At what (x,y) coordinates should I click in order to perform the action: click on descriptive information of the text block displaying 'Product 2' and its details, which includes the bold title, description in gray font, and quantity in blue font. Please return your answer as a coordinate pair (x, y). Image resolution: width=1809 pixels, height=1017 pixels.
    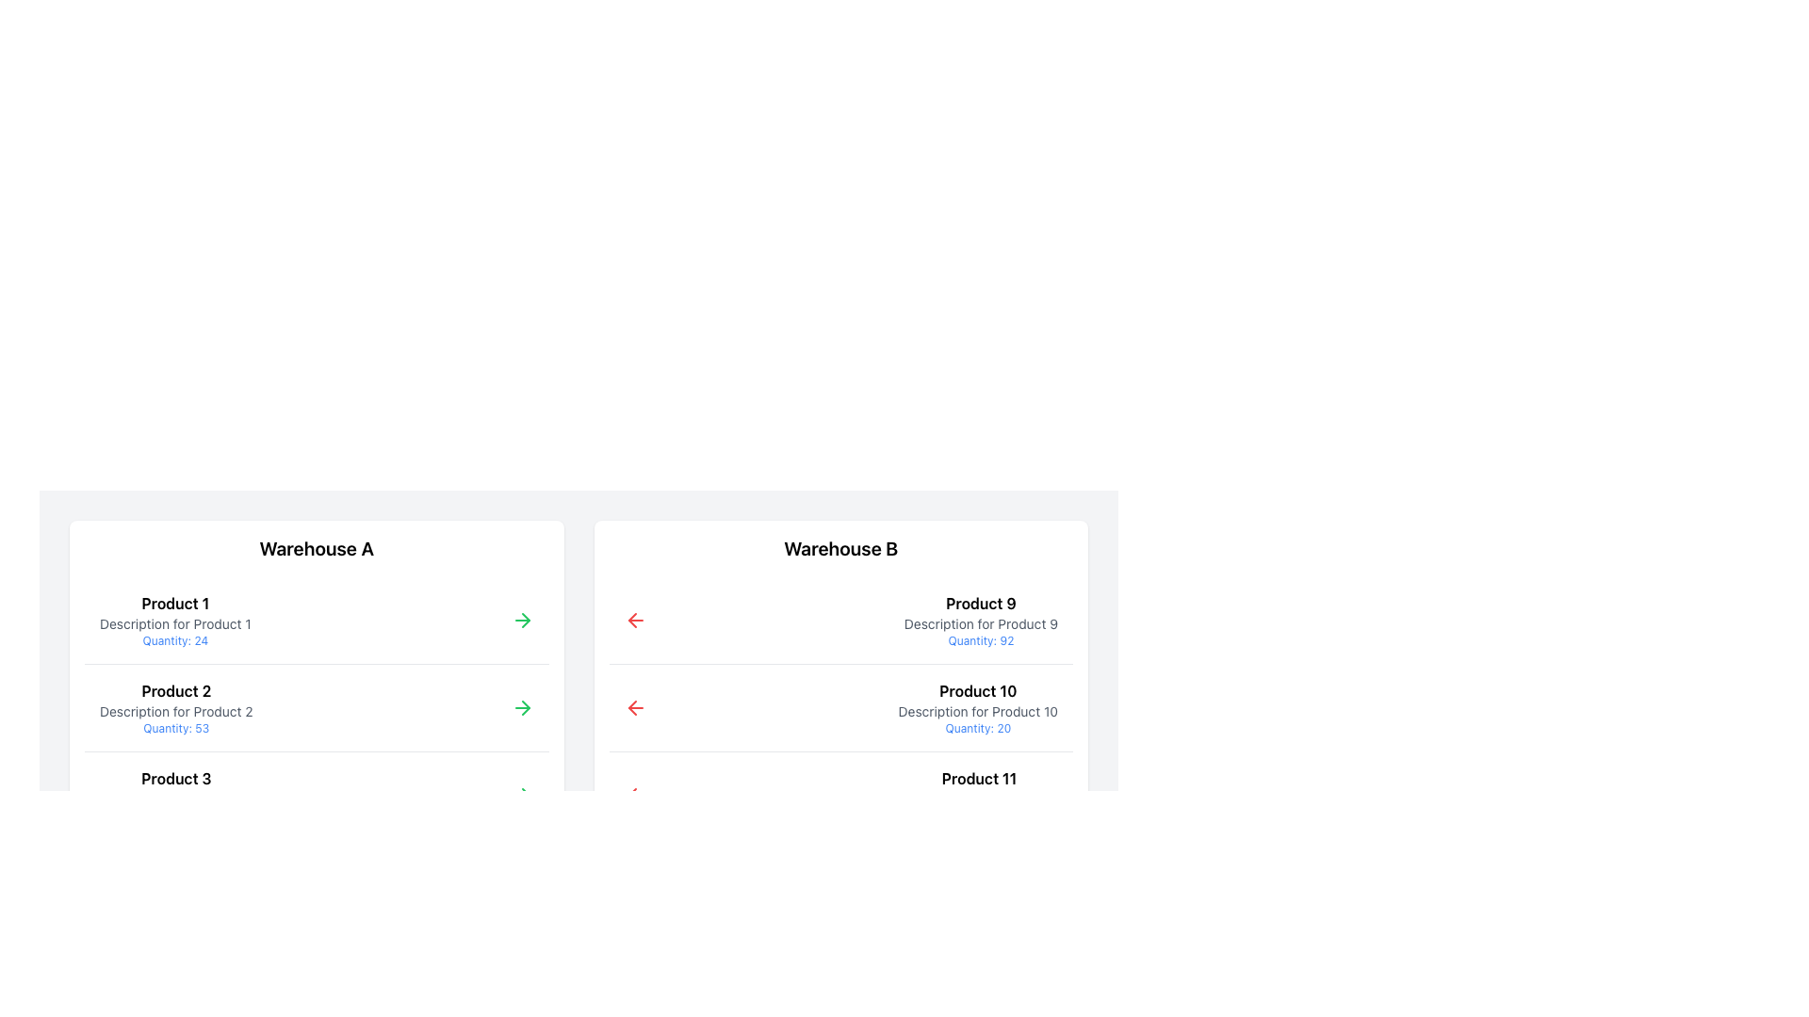
    Looking at the image, I should click on (176, 708).